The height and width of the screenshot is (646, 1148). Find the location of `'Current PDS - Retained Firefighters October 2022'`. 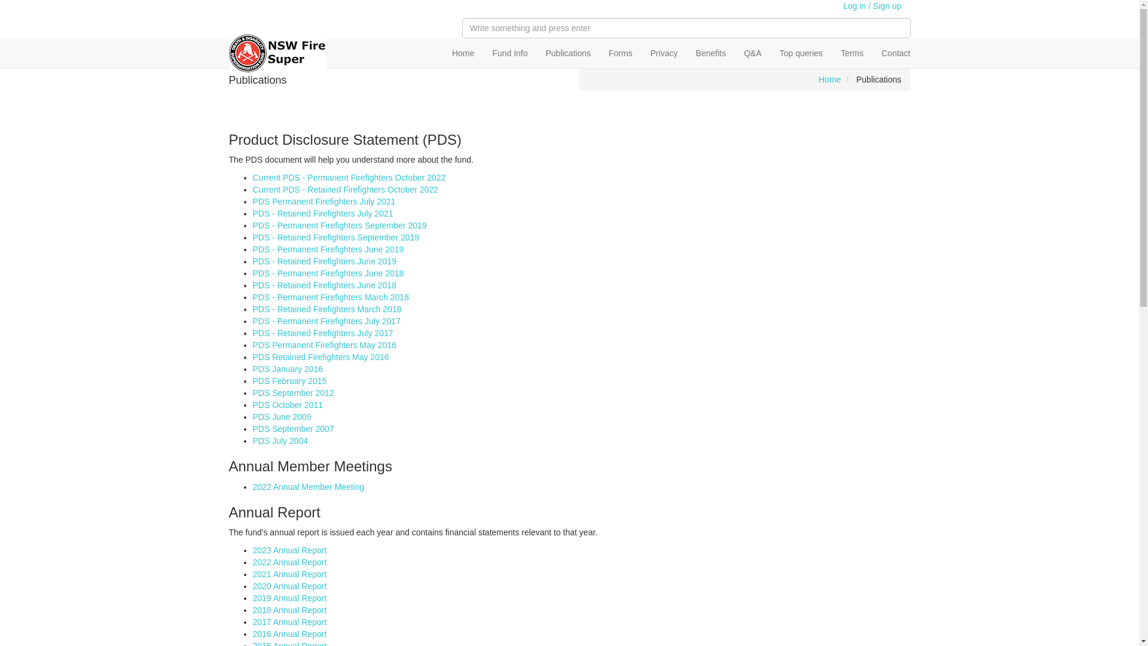

'Current PDS - Retained Firefighters October 2022' is located at coordinates (344, 188).